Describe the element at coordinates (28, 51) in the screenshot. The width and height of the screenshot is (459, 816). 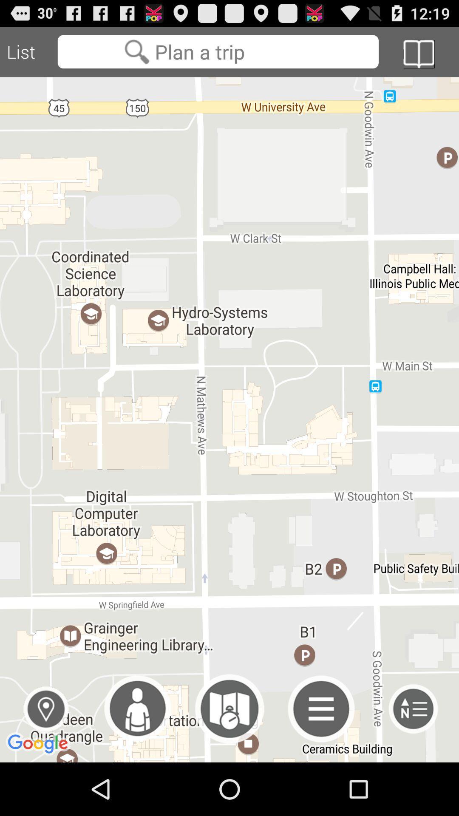
I see `list icon` at that location.